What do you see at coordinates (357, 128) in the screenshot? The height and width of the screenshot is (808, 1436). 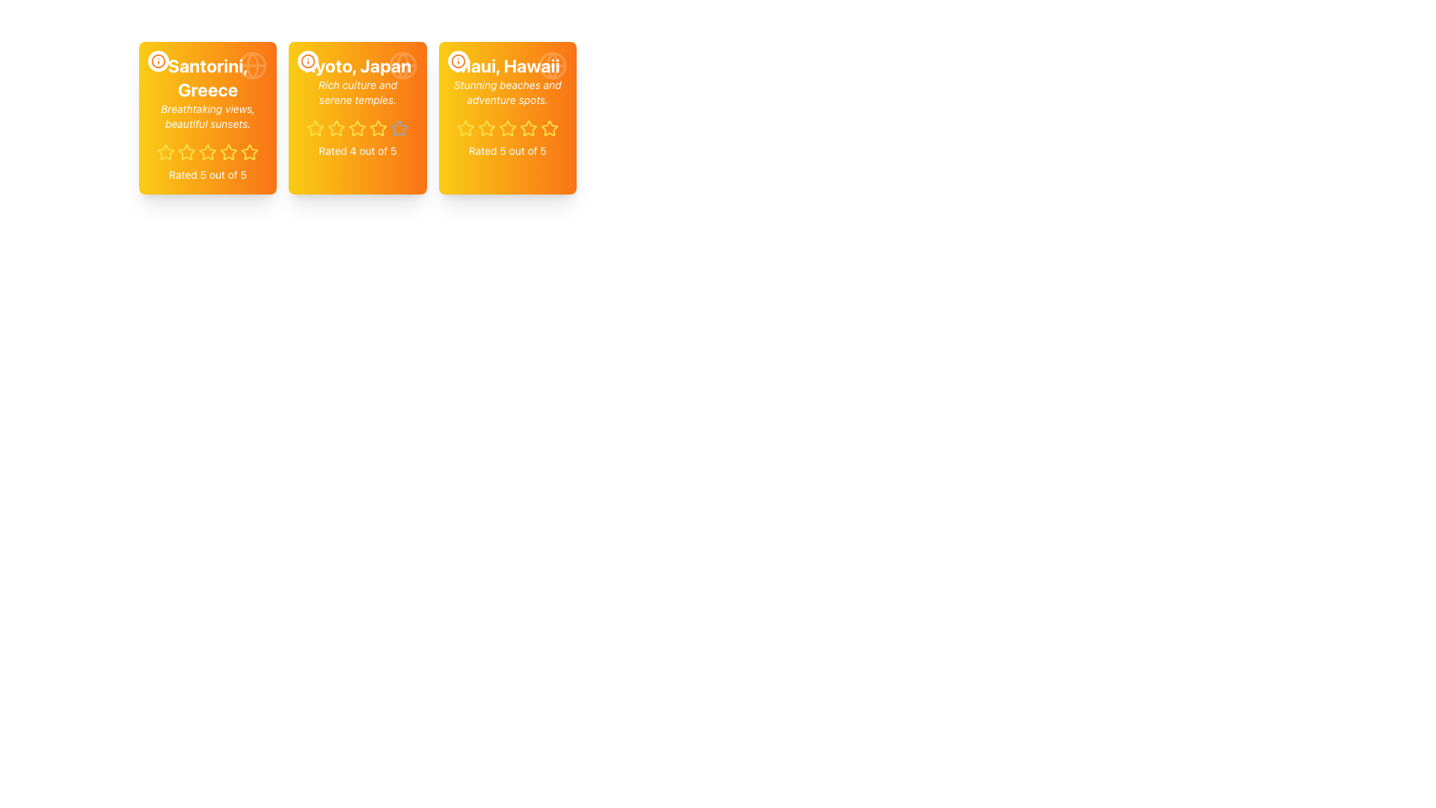 I see `the fourth star icon in the rating indicator located centrally within the orange rectangular card for 'Kyoto, Japan' to set a rating` at bounding box center [357, 128].